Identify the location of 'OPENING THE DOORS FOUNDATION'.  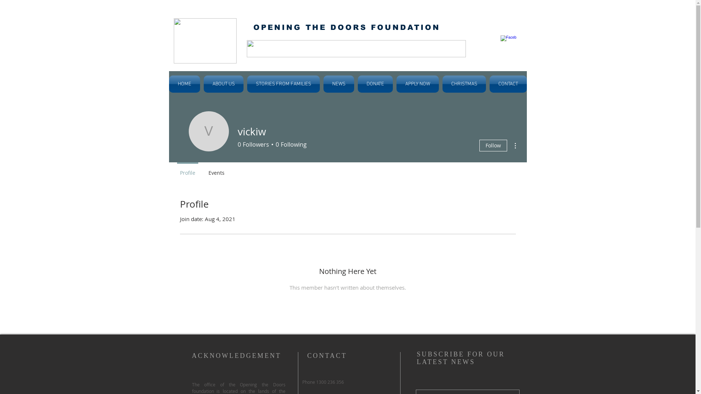
(346, 27).